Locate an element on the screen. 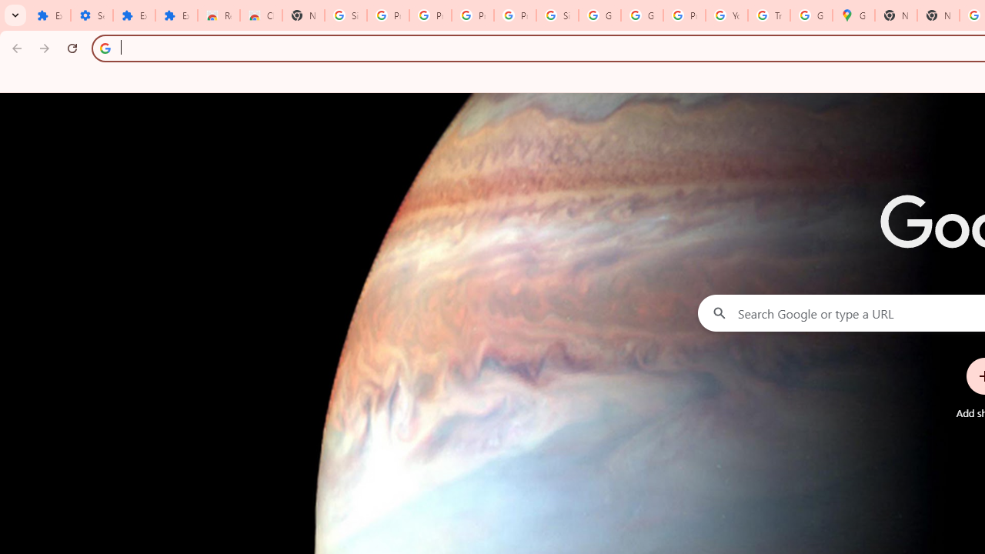 The image size is (985, 554). 'Reviews: Helix Fruit Jump Arcade Game' is located at coordinates (218, 15).